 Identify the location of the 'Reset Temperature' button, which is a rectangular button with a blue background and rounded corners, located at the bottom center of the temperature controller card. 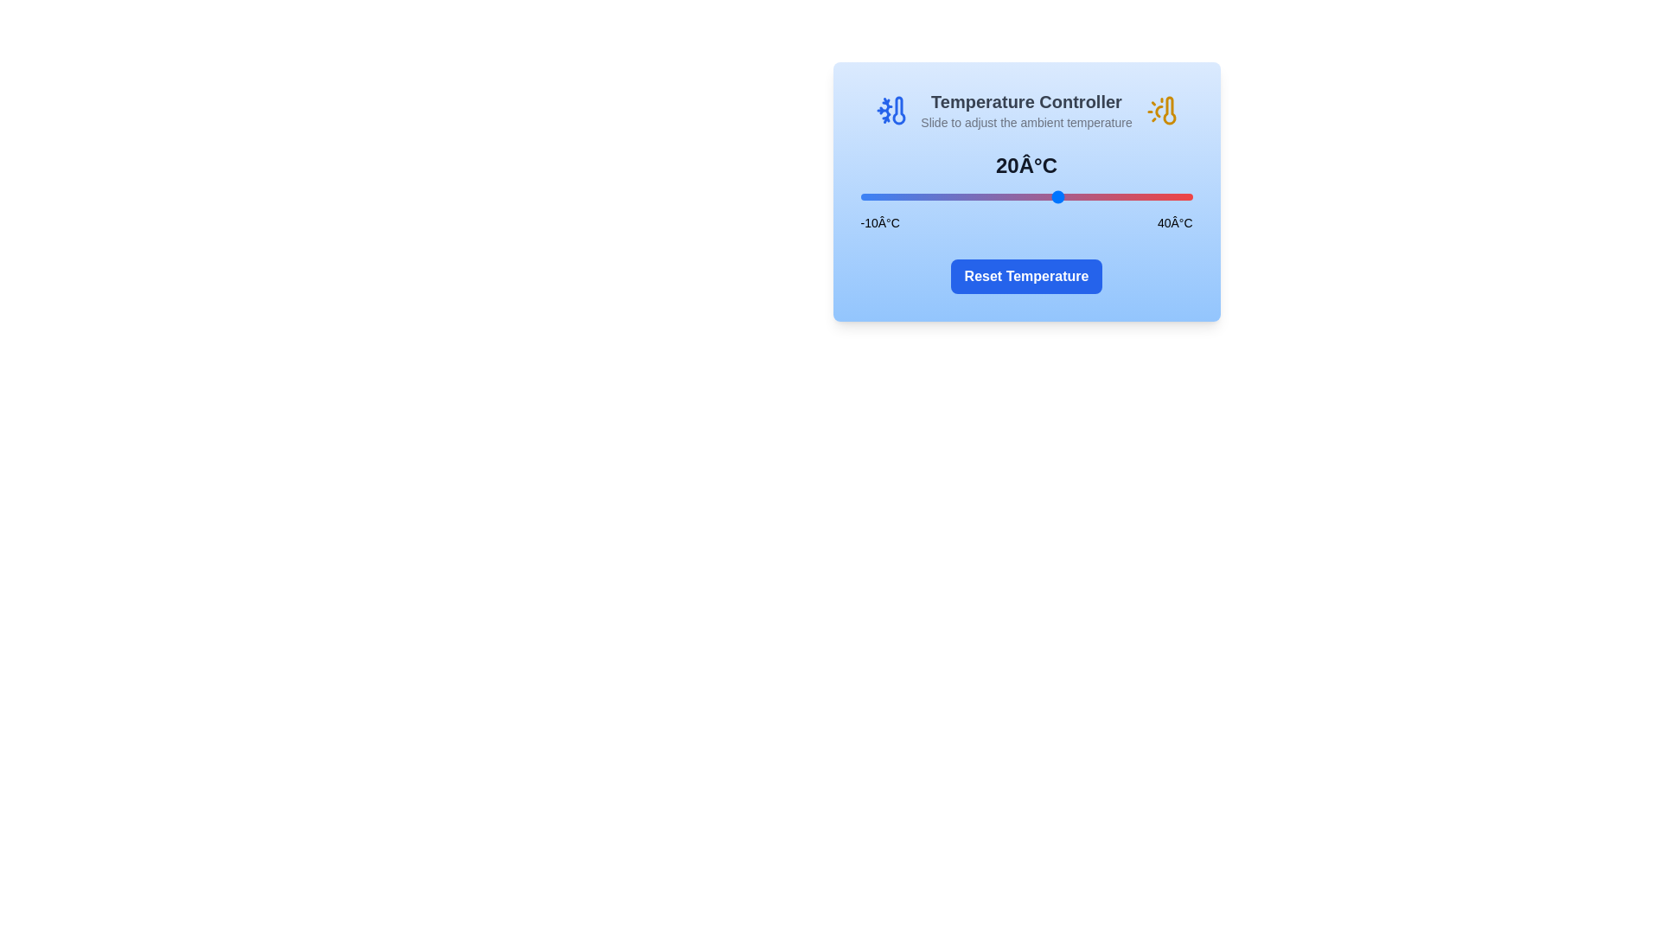
(1026, 276).